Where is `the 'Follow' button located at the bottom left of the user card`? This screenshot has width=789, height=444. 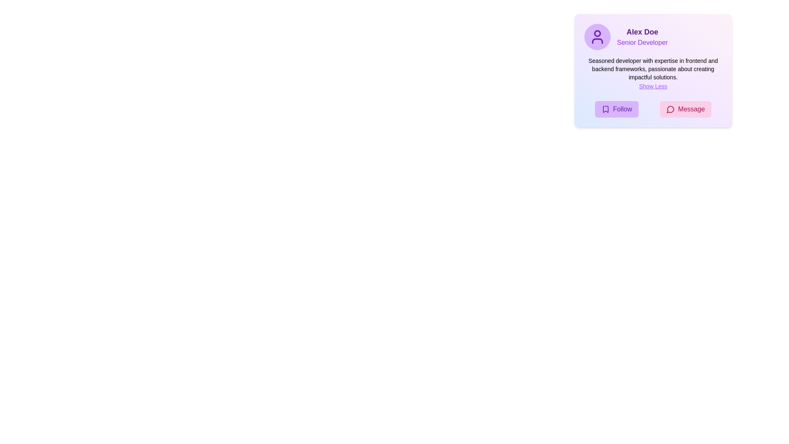
the 'Follow' button located at the bottom left of the user card is located at coordinates (616, 109).